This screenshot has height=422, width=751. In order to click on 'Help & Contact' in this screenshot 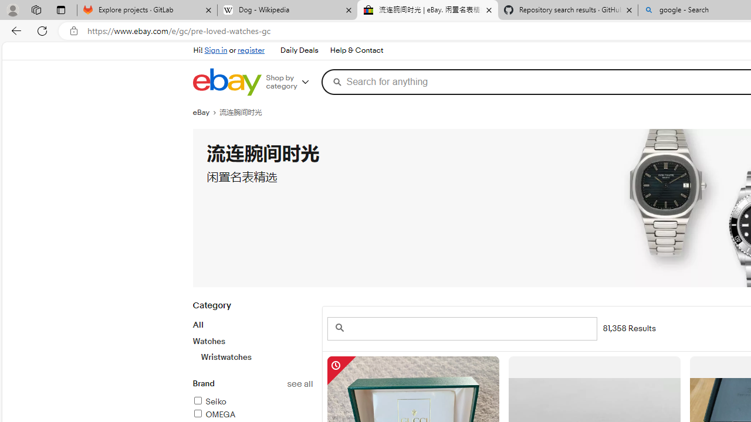, I will do `click(355, 50)`.